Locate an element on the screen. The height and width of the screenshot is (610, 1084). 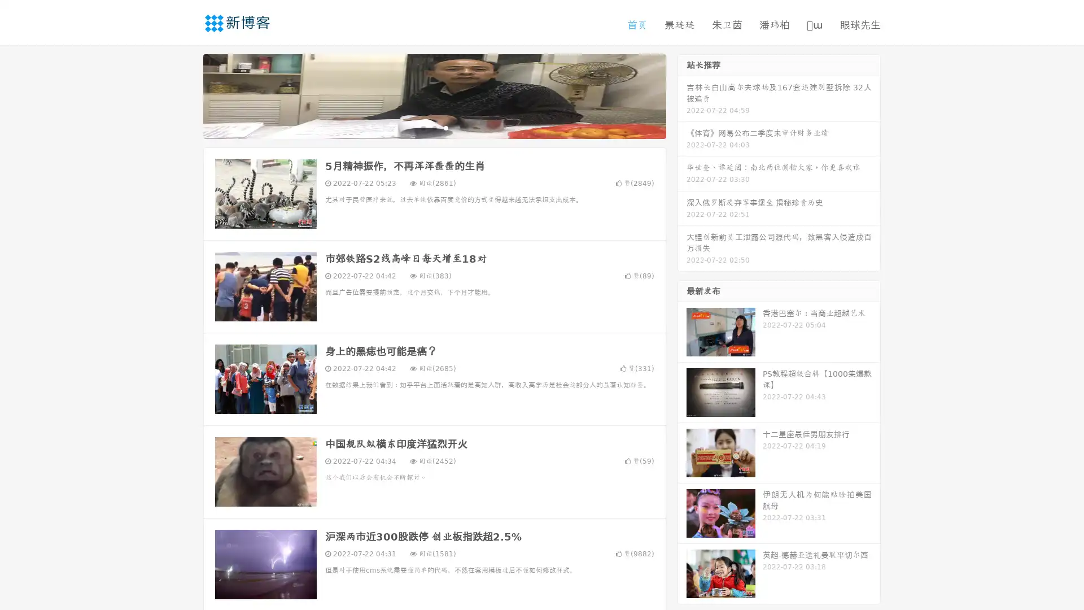
Next slide is located at coordinates (682, 95).